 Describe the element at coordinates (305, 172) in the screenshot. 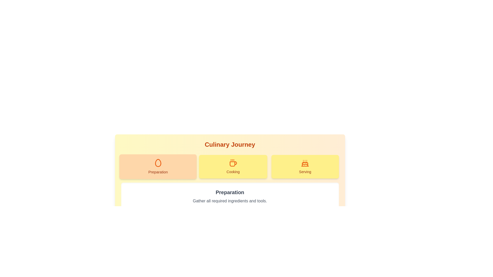

I see `text label that displays 'Serving' in a medium-sized orange font against a yellow background, located at the bottom of the rightmost card just below a cake icon` at that location.